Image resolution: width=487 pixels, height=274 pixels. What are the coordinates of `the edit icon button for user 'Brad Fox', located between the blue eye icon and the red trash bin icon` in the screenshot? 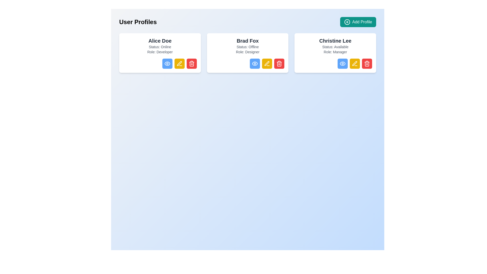 It's located at (267, 63).